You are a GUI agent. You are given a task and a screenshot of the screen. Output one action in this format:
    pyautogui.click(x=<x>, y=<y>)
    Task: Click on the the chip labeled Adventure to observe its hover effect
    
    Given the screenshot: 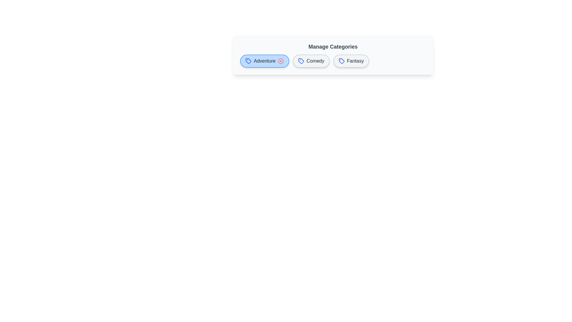 What is the action you would take?
    pyautogui.click(x=264, y=61)
    